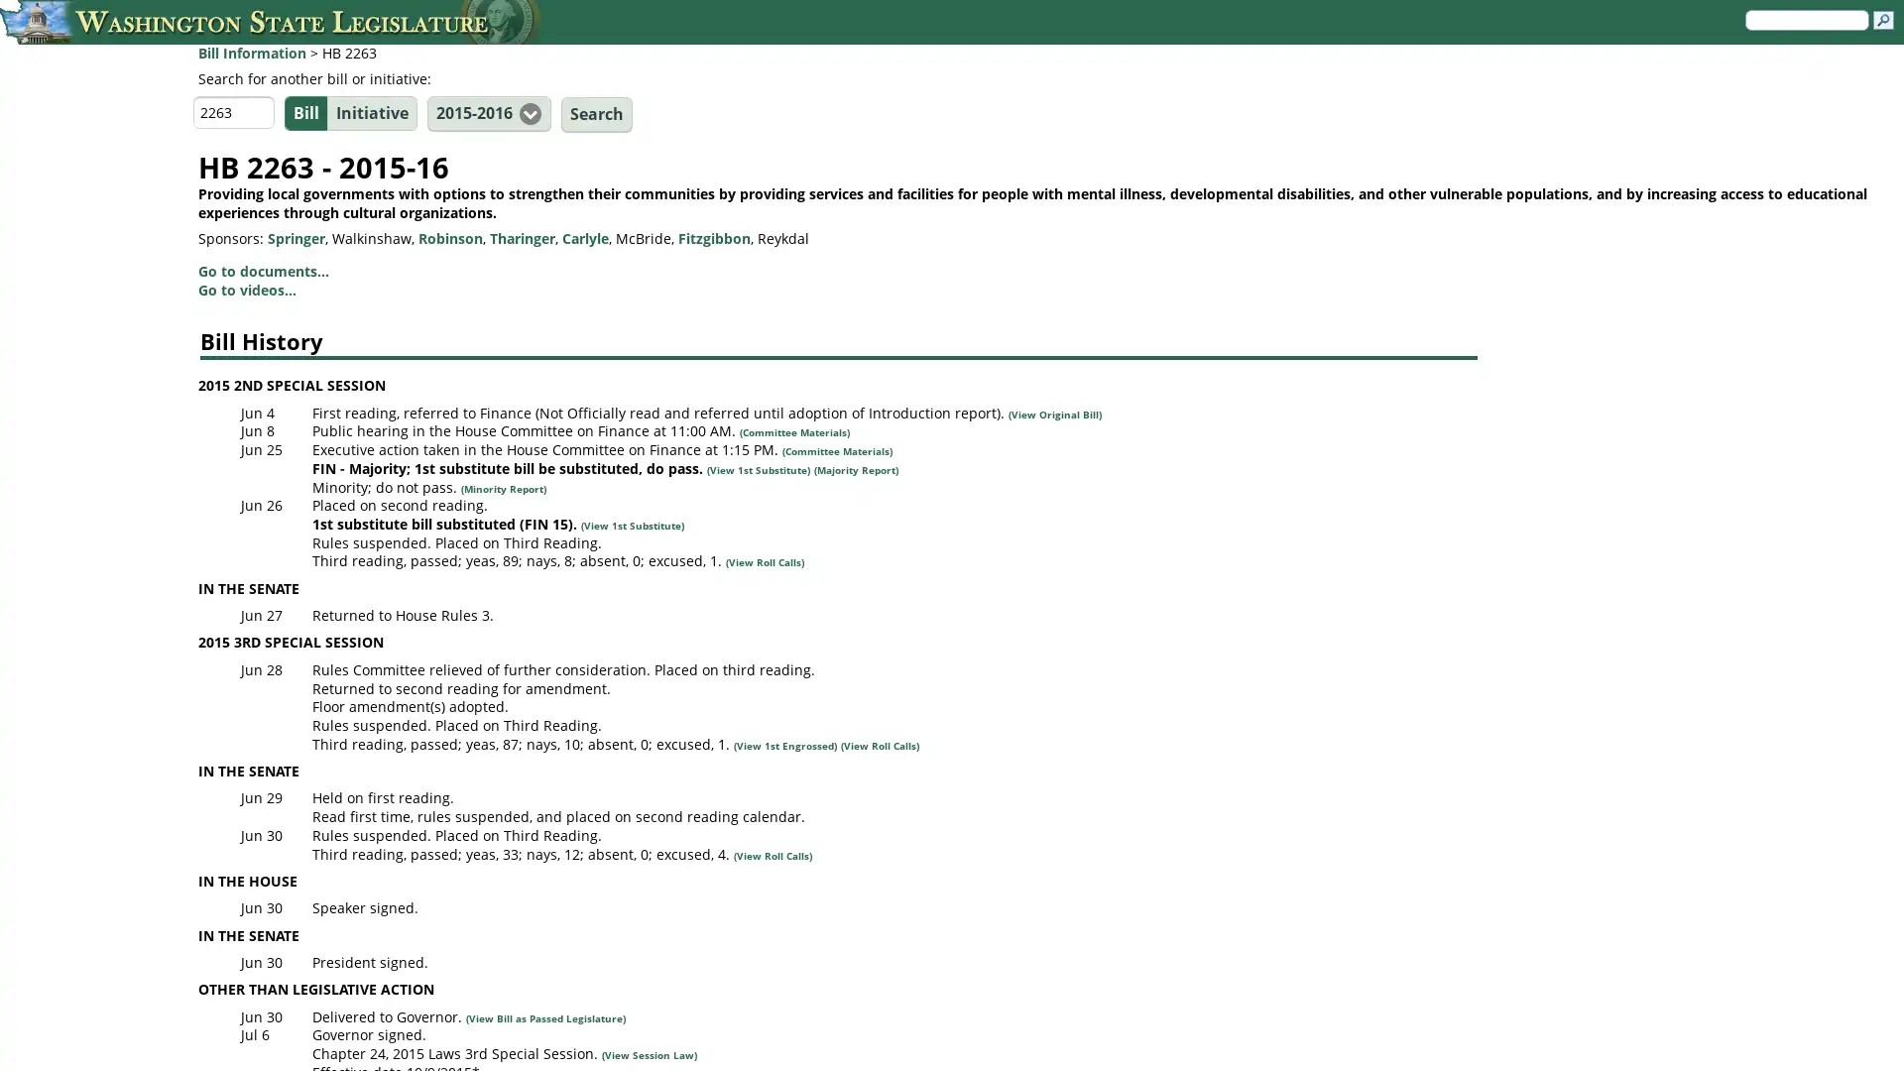  Describe the element at coordinates (599, 114) in the screenshot. I see `Search` at that location.